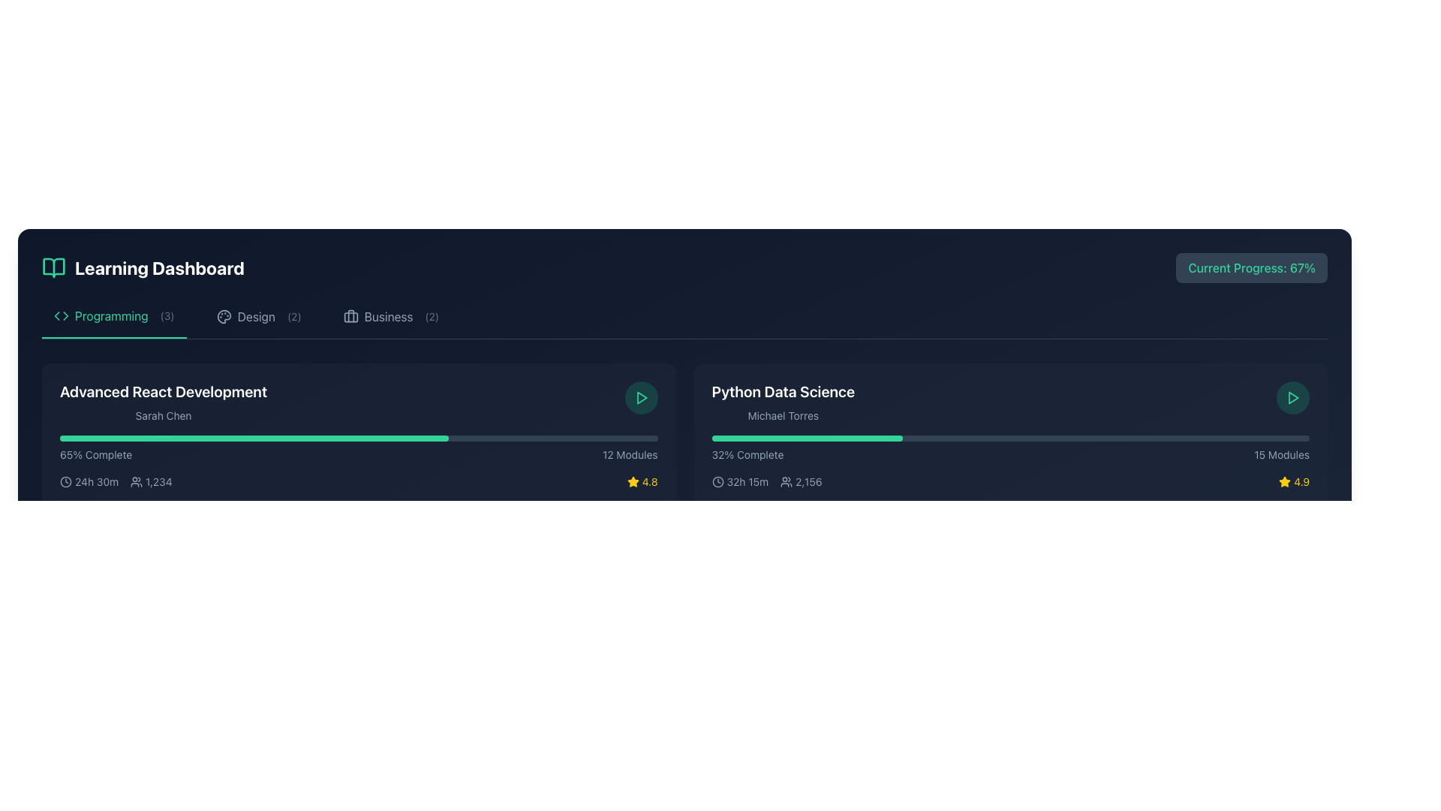 This screenshot has height=811, width=1441. What do you see at coordinates (642, 481) in the screenshot?
I see `rating value displayed on the Rating indicator for the course 'Advanced React Development', which is located in the bottom right corner of the course card` at bounding box center [642, 481].